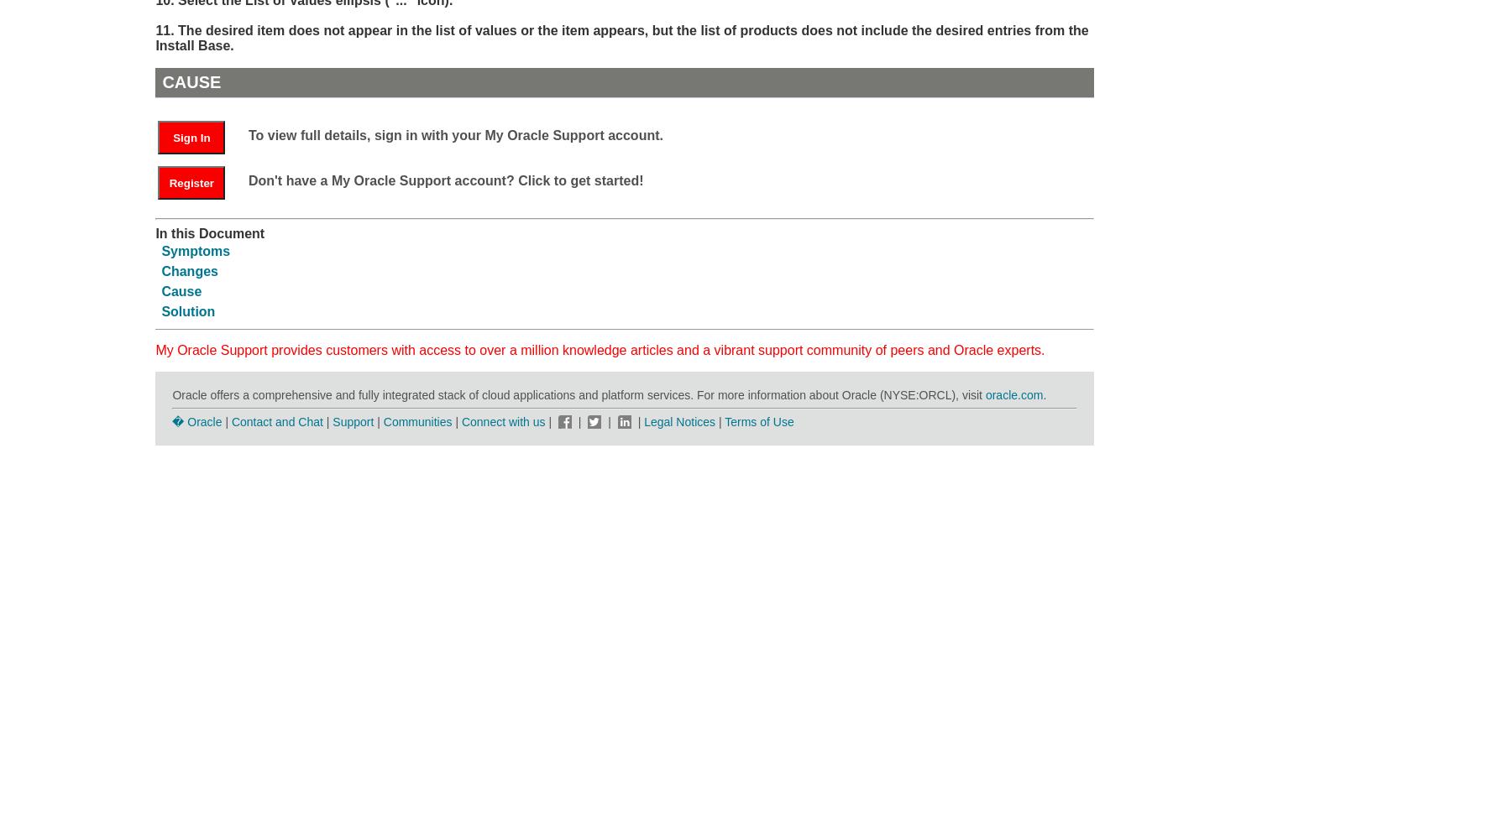 This screenshot has width=1503, height=839. I want to click on 'Terms of Use', so click(758, 421).